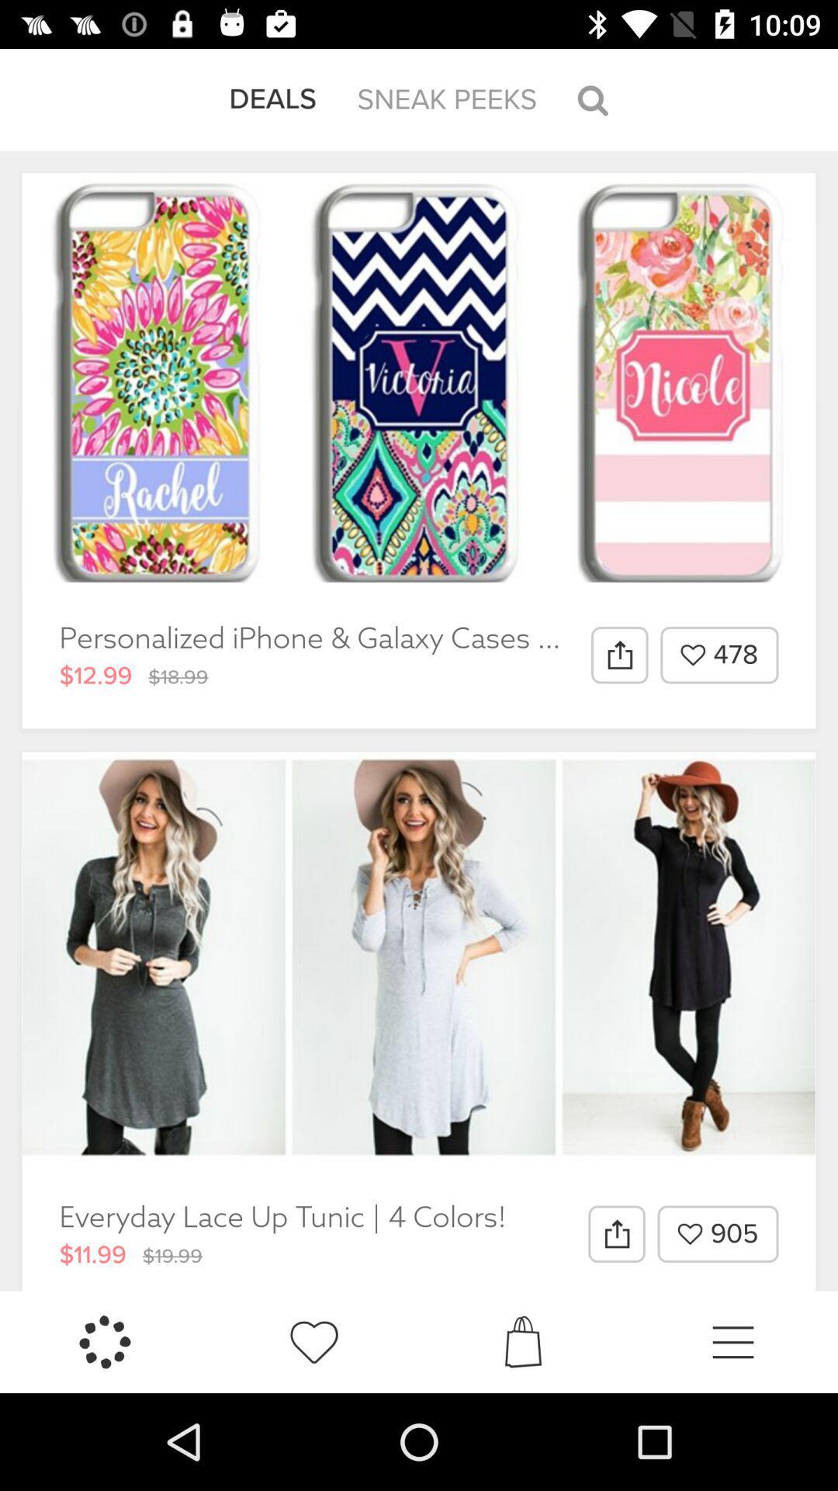 Image resolution: width=838 pixels, height=1491 pixels. Describe the element at coordinates (593, 99) in the screenshot. I see `the icon to the right of the sneak peeks item` at that location.